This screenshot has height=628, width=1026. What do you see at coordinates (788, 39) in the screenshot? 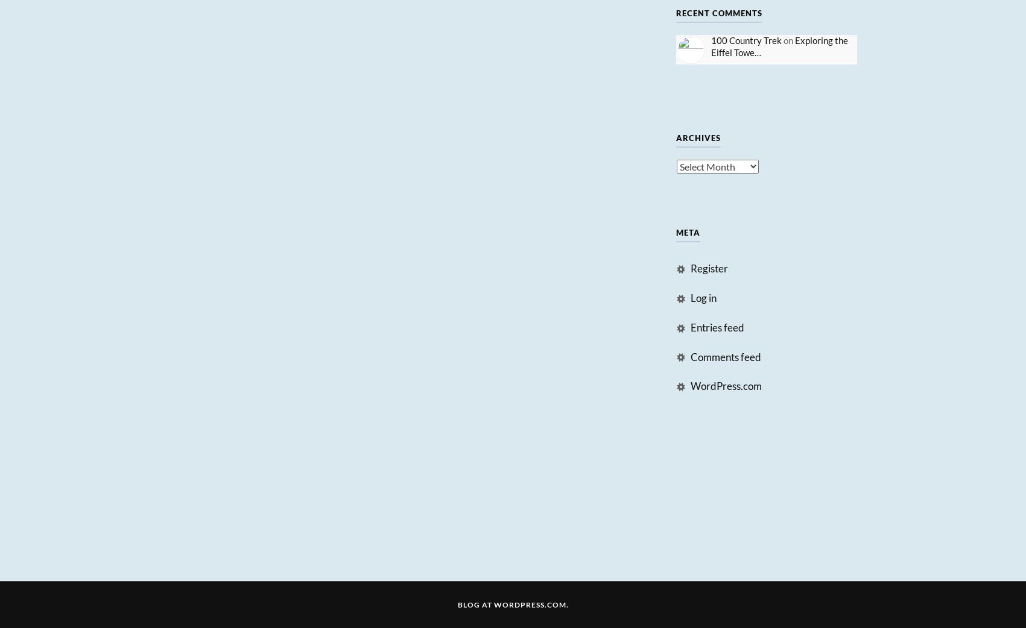
I see `'on'` at bounding box center [788, 39].